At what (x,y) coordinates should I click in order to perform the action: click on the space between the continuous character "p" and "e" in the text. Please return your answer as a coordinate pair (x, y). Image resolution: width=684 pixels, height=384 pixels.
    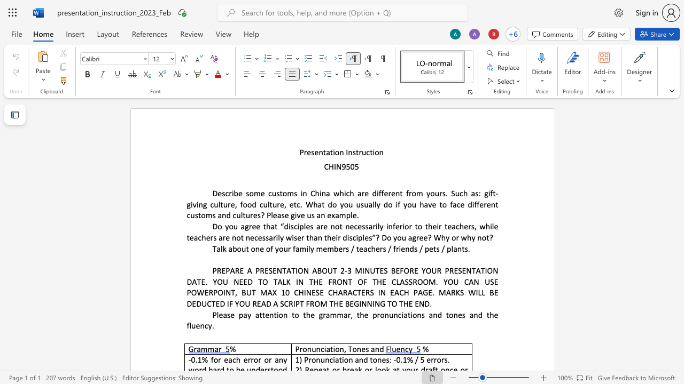
    Looking at the image, I should click on (429, 248).